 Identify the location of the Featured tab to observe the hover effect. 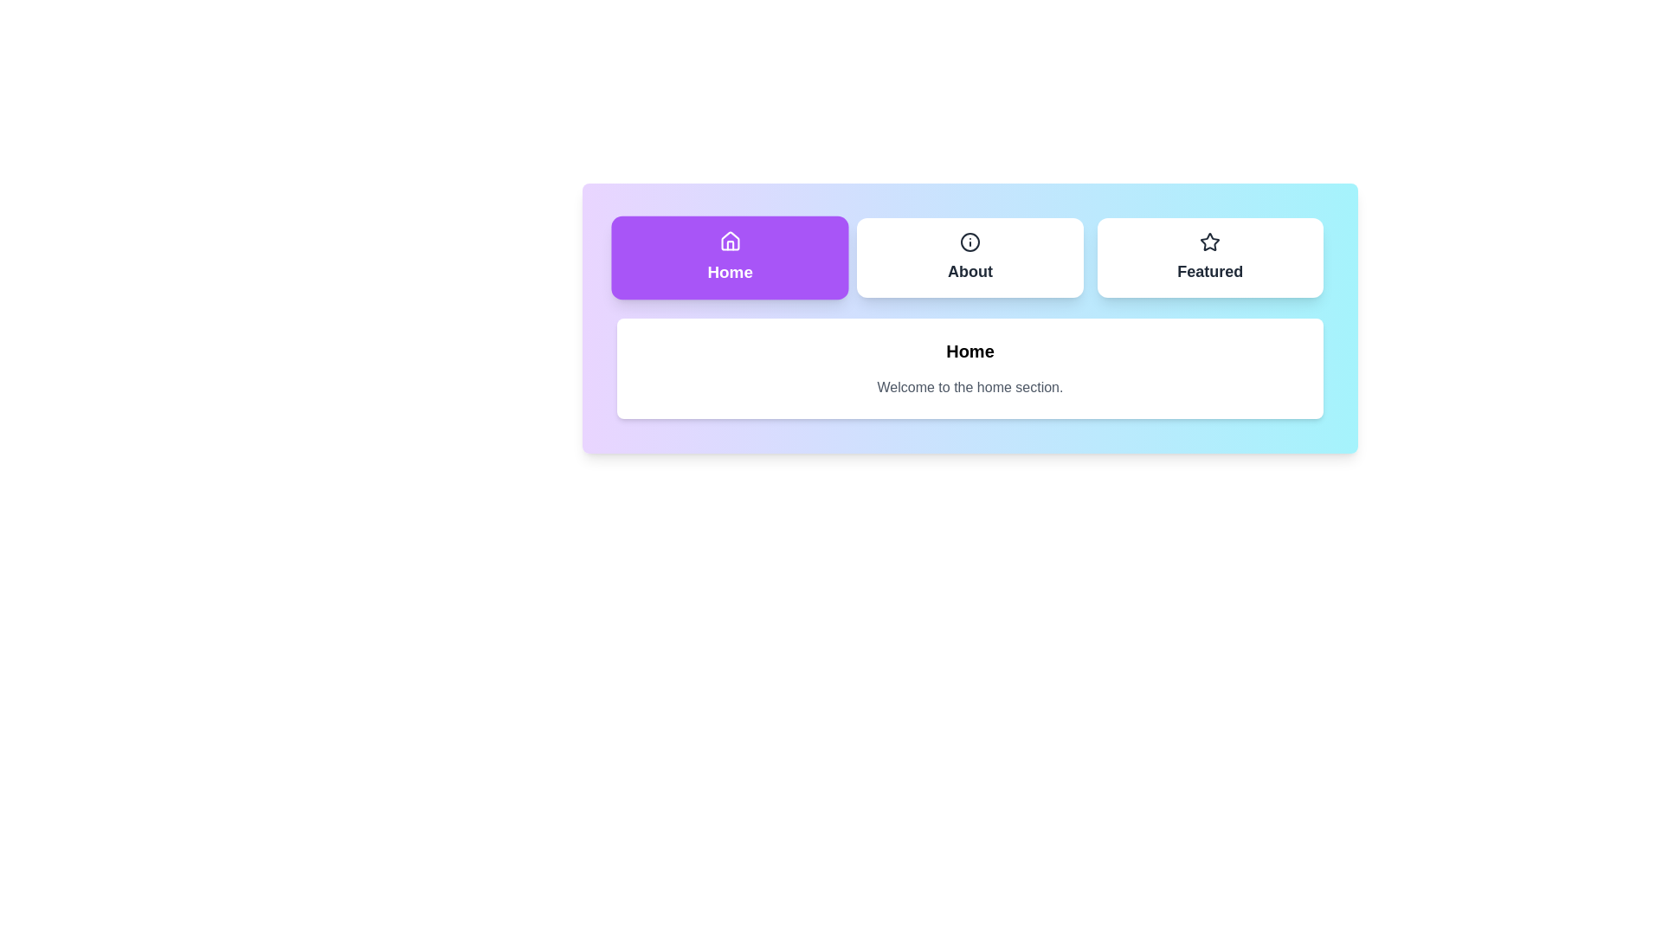
(1209, 257).